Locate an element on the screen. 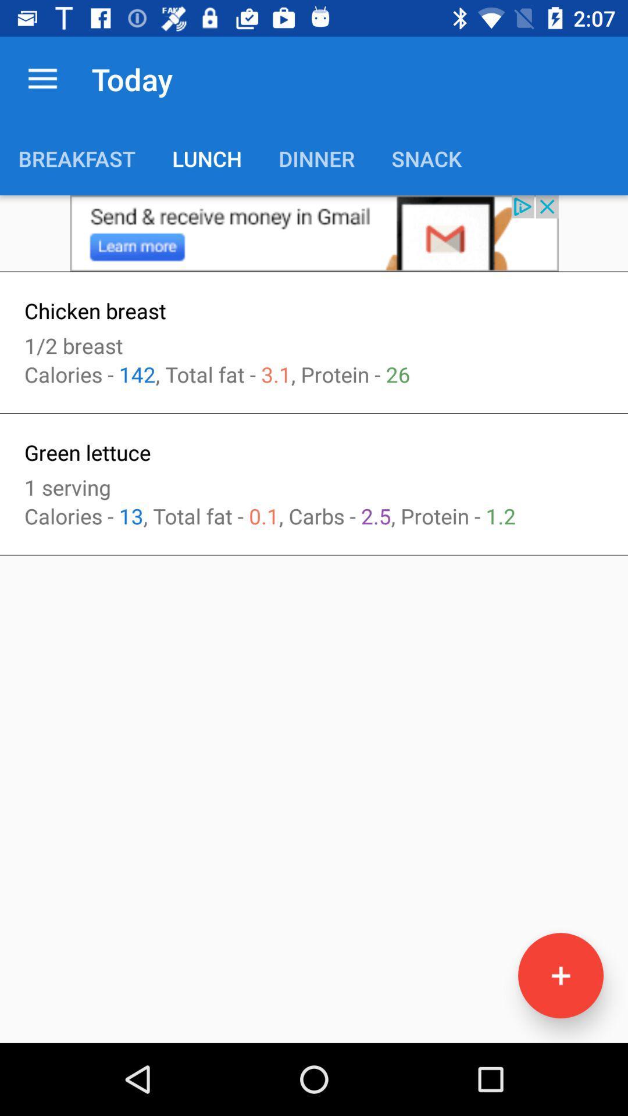  a receipe is located at coordinates (560, 975).